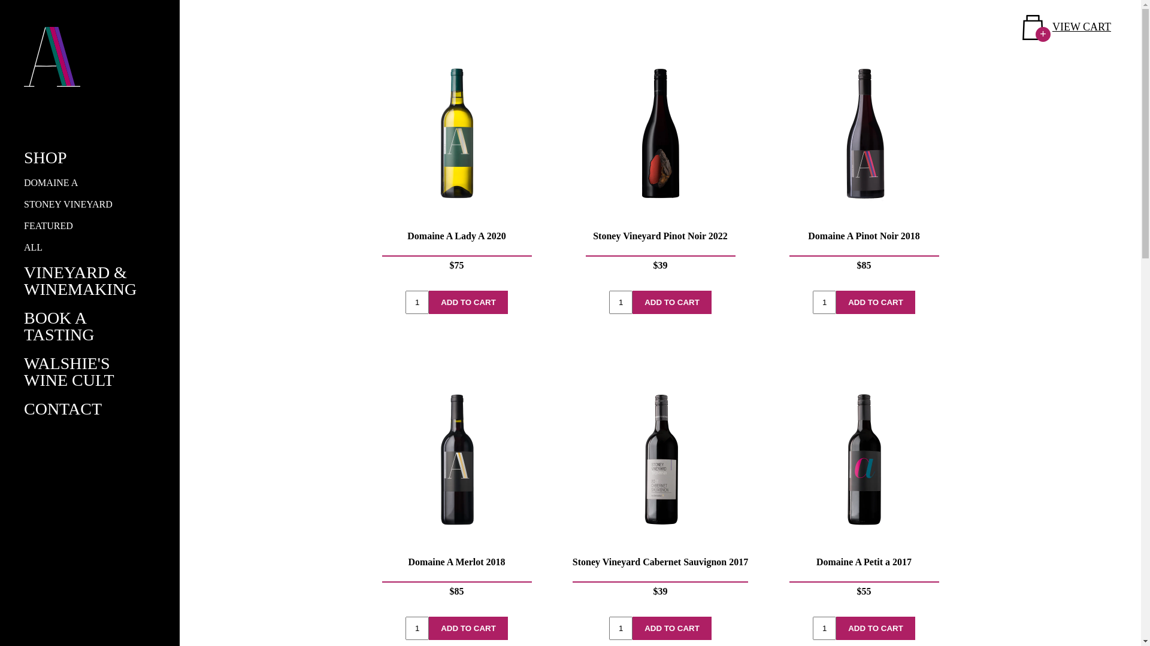 The height and width of the screenshot is (646, 1150). I want to click on 'CONTACT', so click(23, 408).